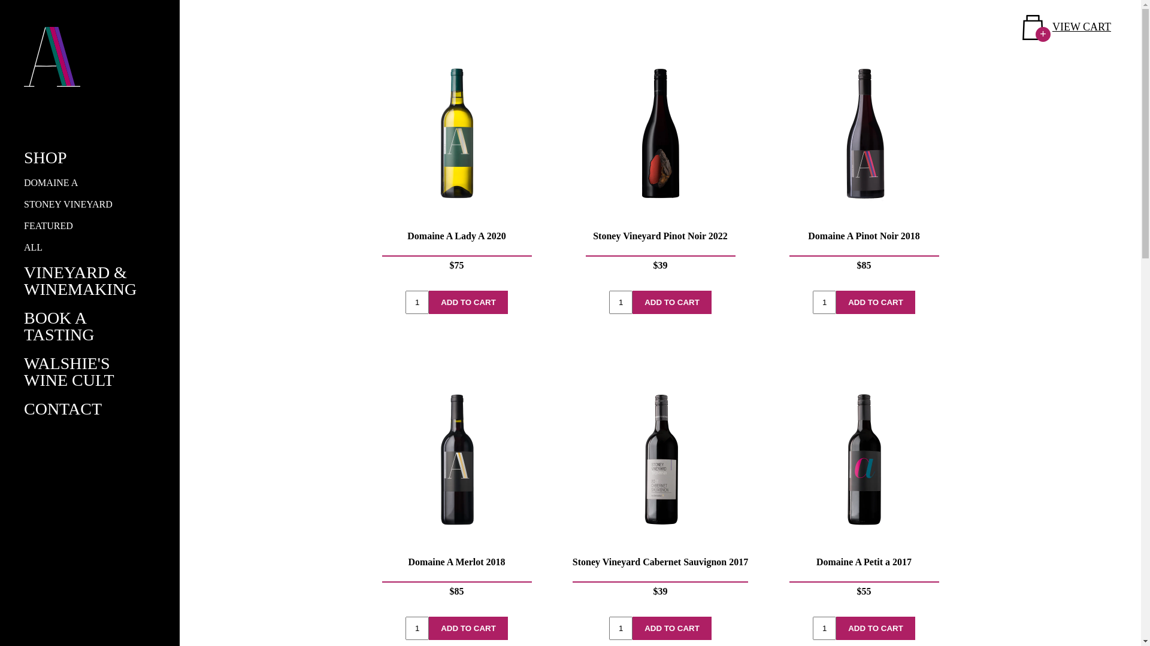 The height and width of the screenshot is (646, 1150). I want to click on 'CONTACT', so click(23, 408).